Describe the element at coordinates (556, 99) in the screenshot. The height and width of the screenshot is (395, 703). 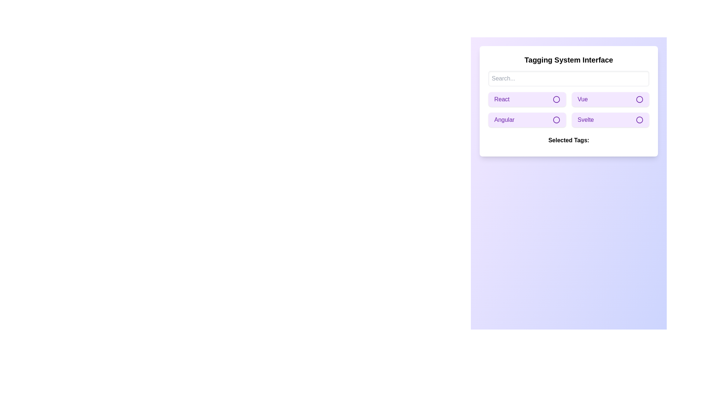
I see `the circular icon, which is a selection indicator located to the right of the 'React' label` at that location.